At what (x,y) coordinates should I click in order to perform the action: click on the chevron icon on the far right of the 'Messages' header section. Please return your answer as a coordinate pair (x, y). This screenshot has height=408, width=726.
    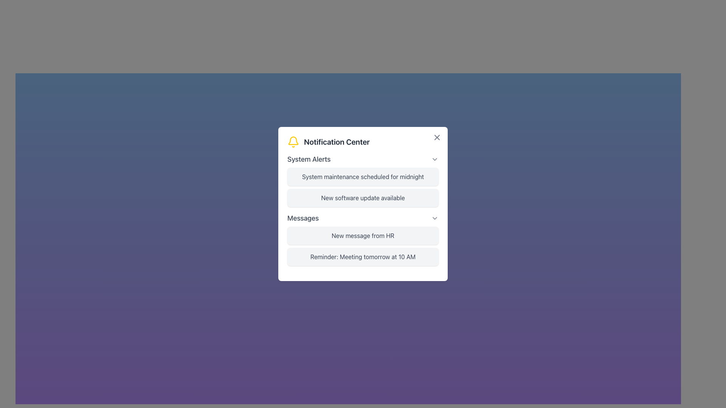
    Looking at the image, I should click on (435, 218).